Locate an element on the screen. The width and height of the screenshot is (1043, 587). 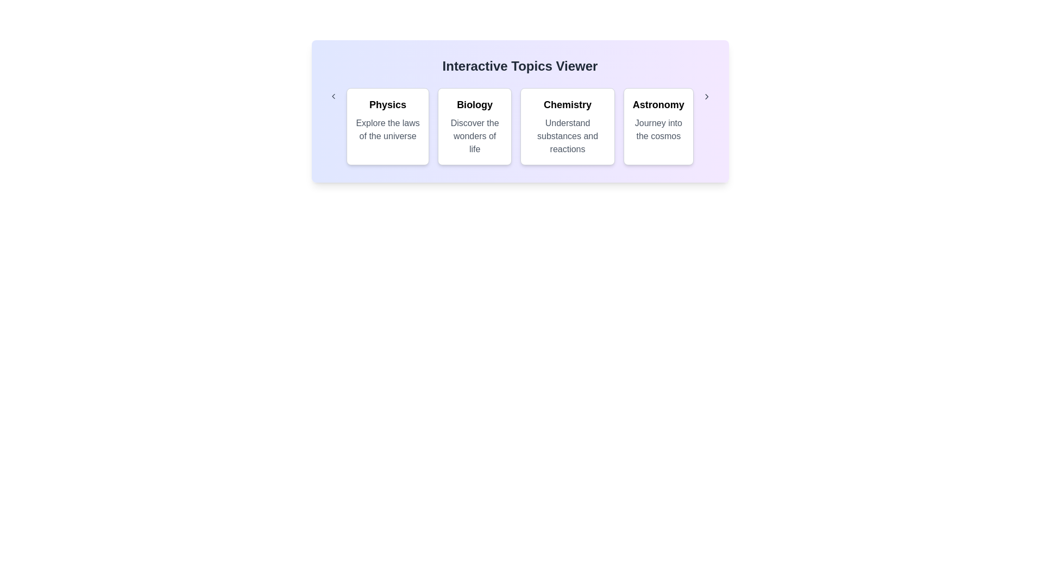
the category Chemistry to observe the hover effect is located at coordinates (567, 126).